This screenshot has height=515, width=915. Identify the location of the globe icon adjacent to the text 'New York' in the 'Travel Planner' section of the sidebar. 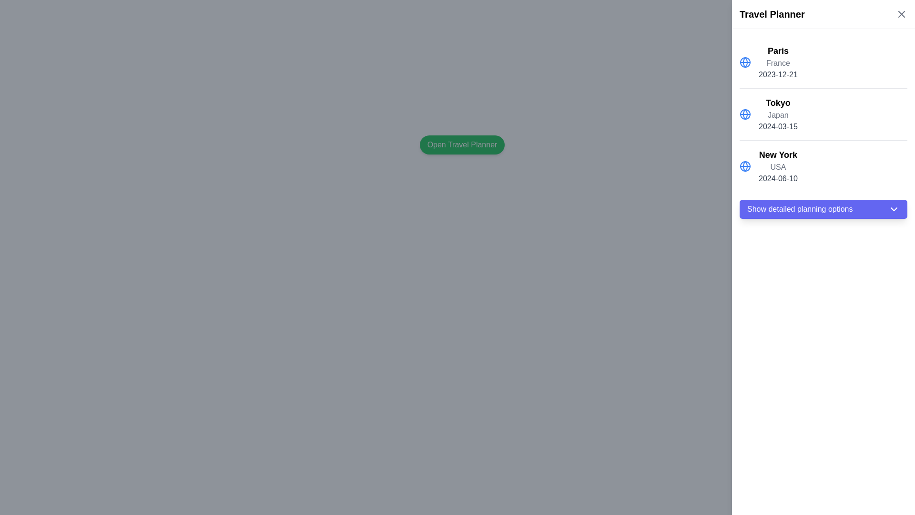
(745, 165).